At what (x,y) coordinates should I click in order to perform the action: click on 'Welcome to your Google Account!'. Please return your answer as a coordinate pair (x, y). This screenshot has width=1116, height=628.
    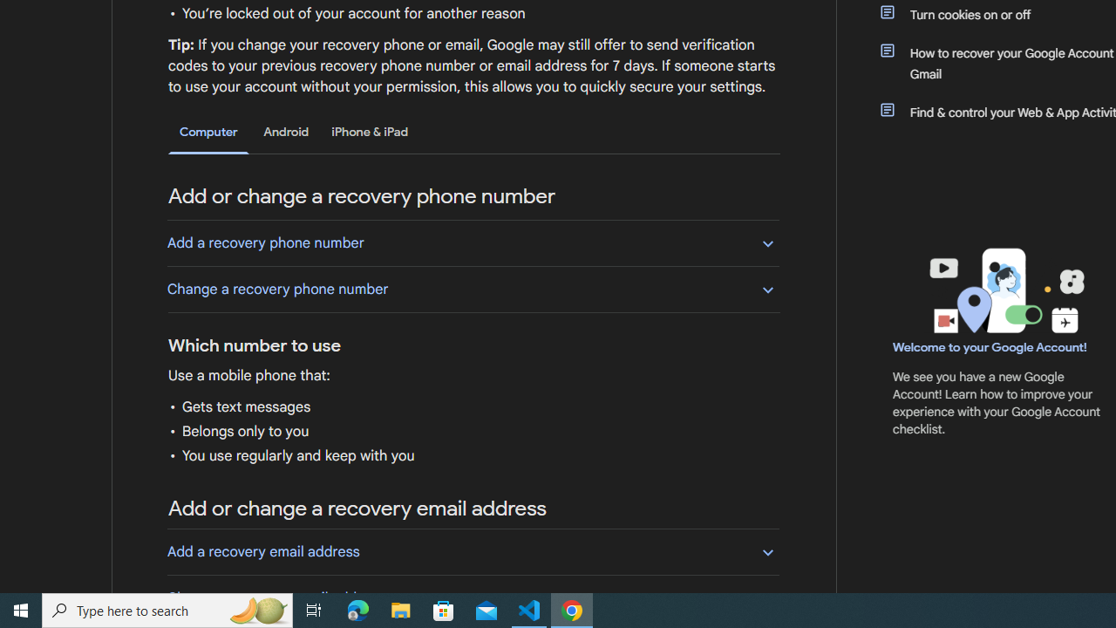
    Looking at the image, I should click on (990, 346).